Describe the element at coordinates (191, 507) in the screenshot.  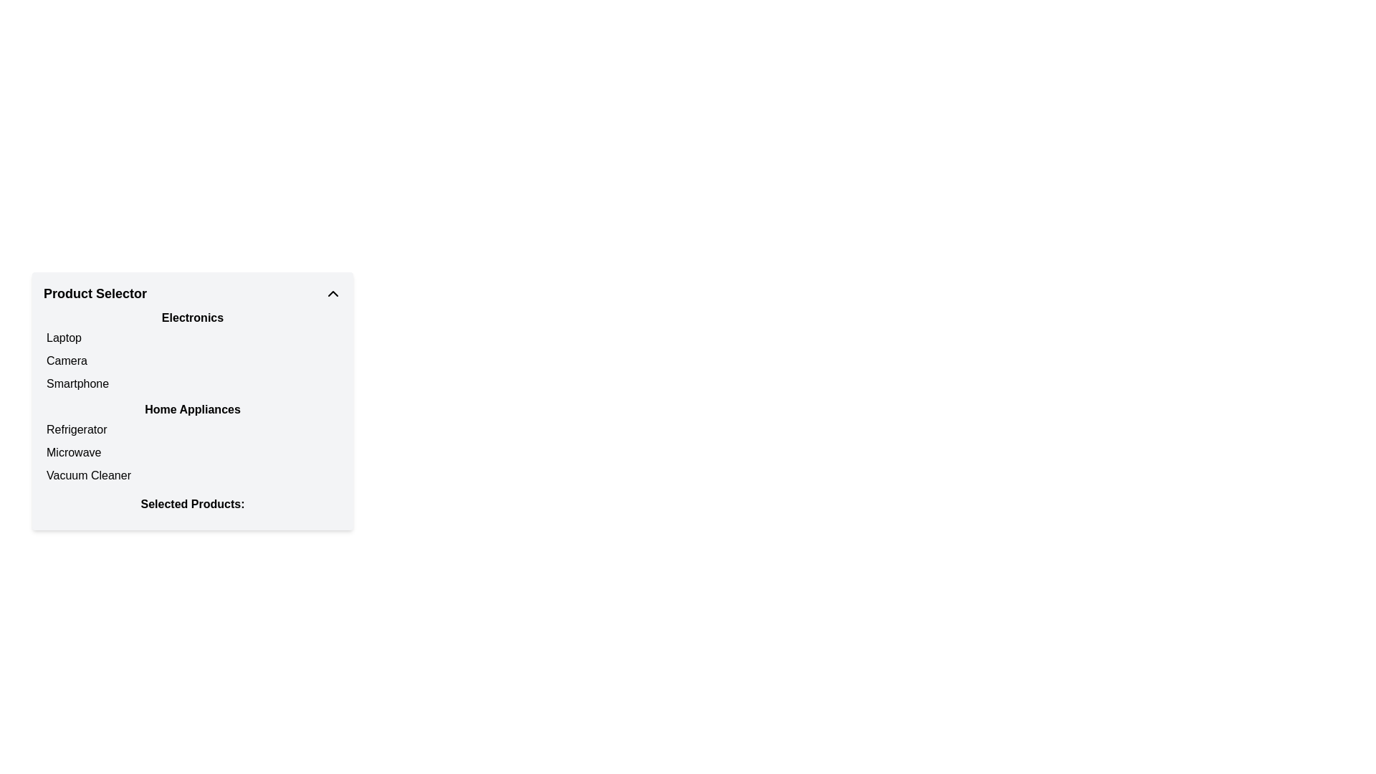
I see `the text label displaying 'Selected Products:' positioned at the bottom of the vertical section in the card layout` at that location.